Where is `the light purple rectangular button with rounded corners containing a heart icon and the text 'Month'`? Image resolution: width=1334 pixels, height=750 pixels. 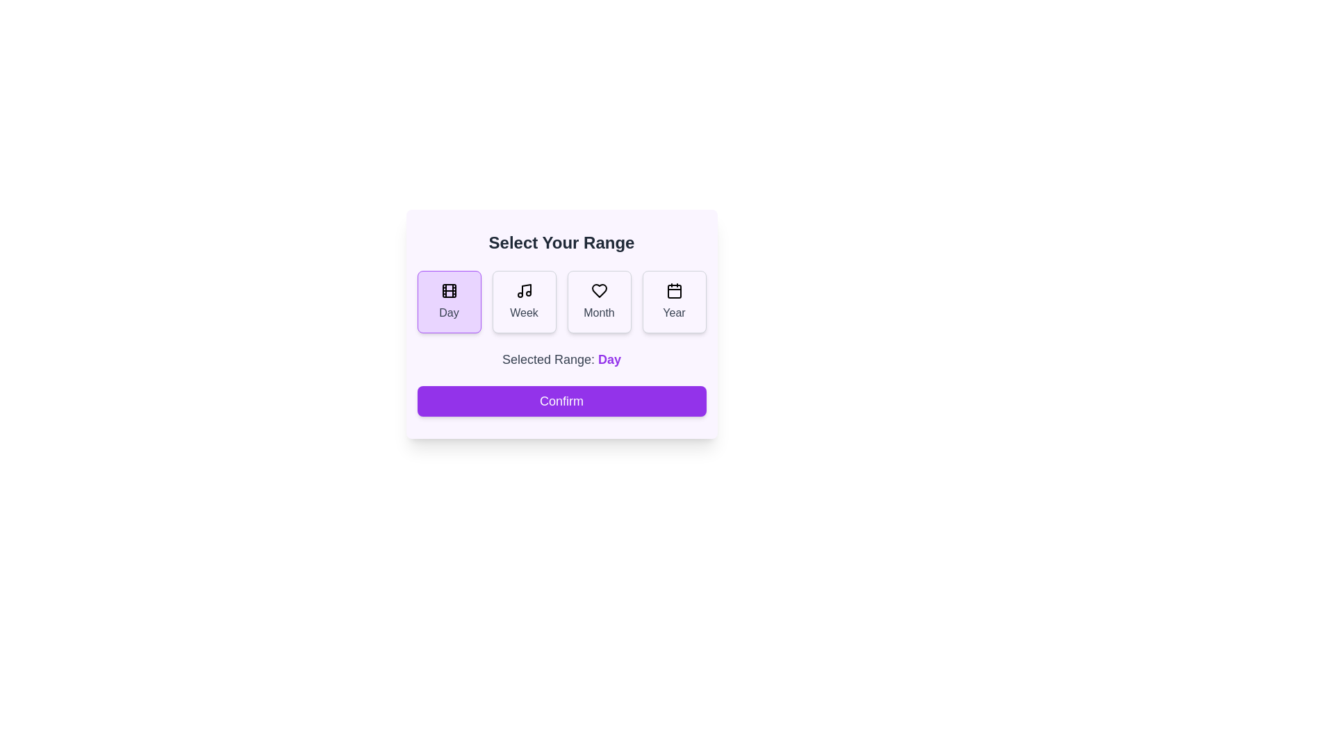
the light purple rectangular button with rounded corners containing a heart icon and the text 'Month' is located at coordinates (599, 301).